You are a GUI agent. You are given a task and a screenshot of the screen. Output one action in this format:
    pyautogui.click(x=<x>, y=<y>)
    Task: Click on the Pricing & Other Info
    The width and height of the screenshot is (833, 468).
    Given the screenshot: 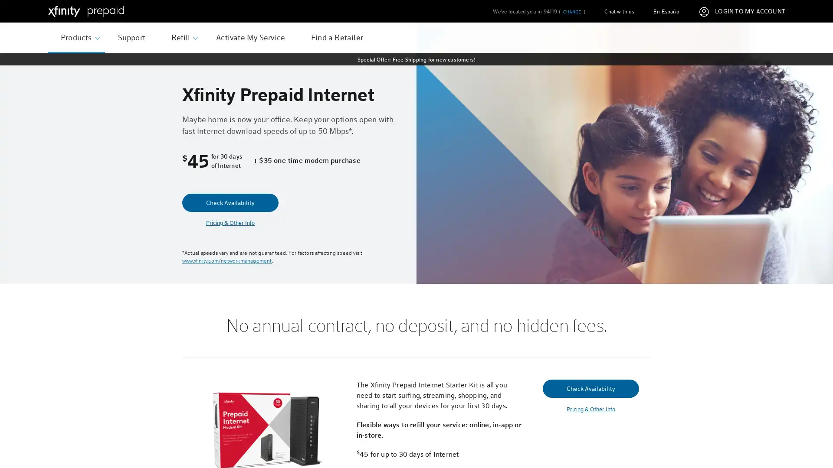 What is the action you would take?
    pyautogui.click(x=230, y=222)
    